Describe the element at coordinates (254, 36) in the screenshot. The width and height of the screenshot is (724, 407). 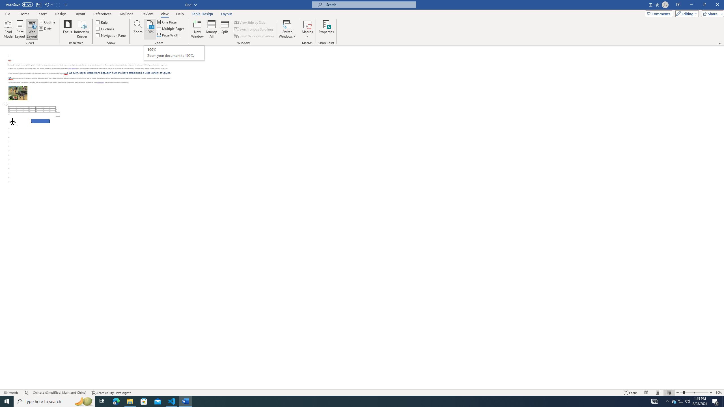
I see `'Reset Window Position'` at that location.